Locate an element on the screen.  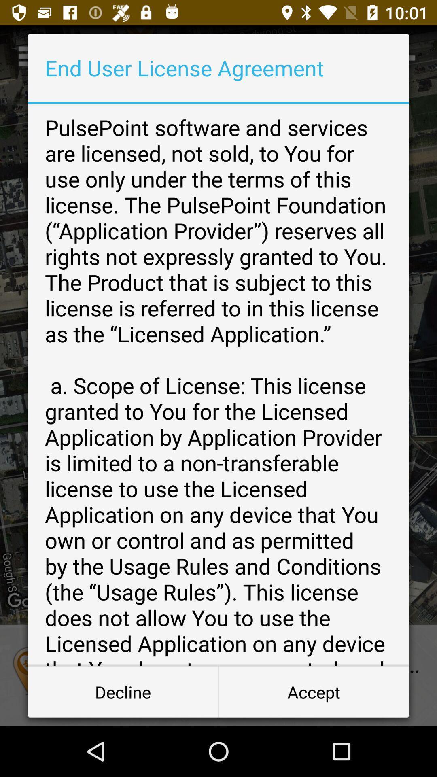
the decline button is located at coordinates (123, 691).